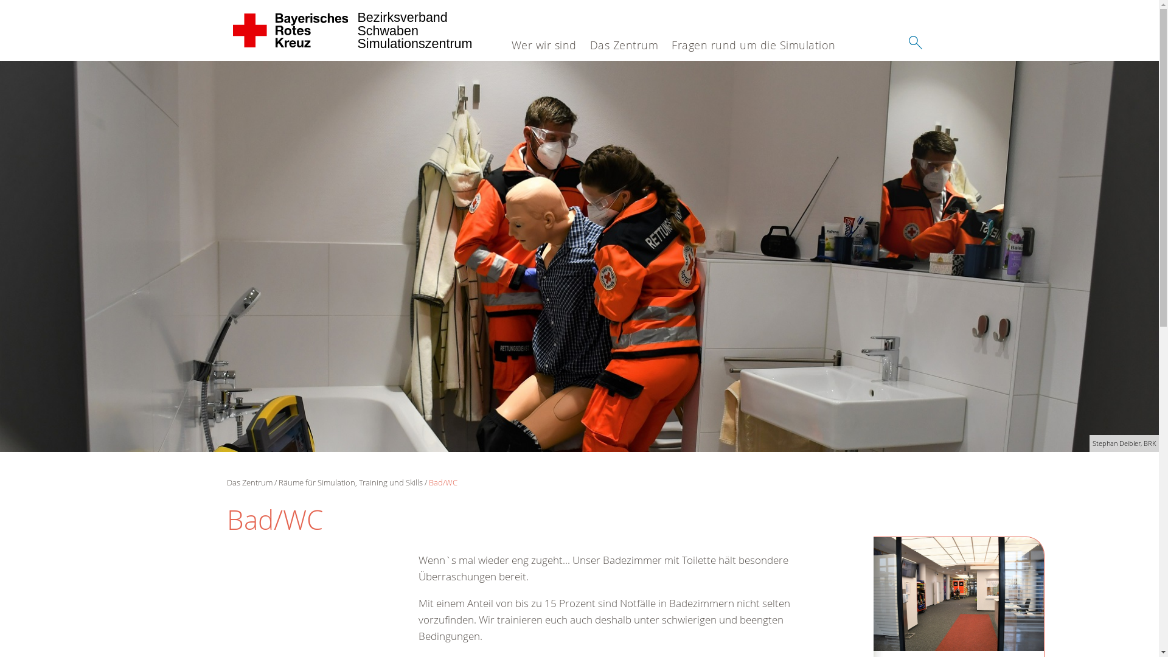 The image size is (1168, 657). I want to click on 'Bezirksverband, so click(290, 30).